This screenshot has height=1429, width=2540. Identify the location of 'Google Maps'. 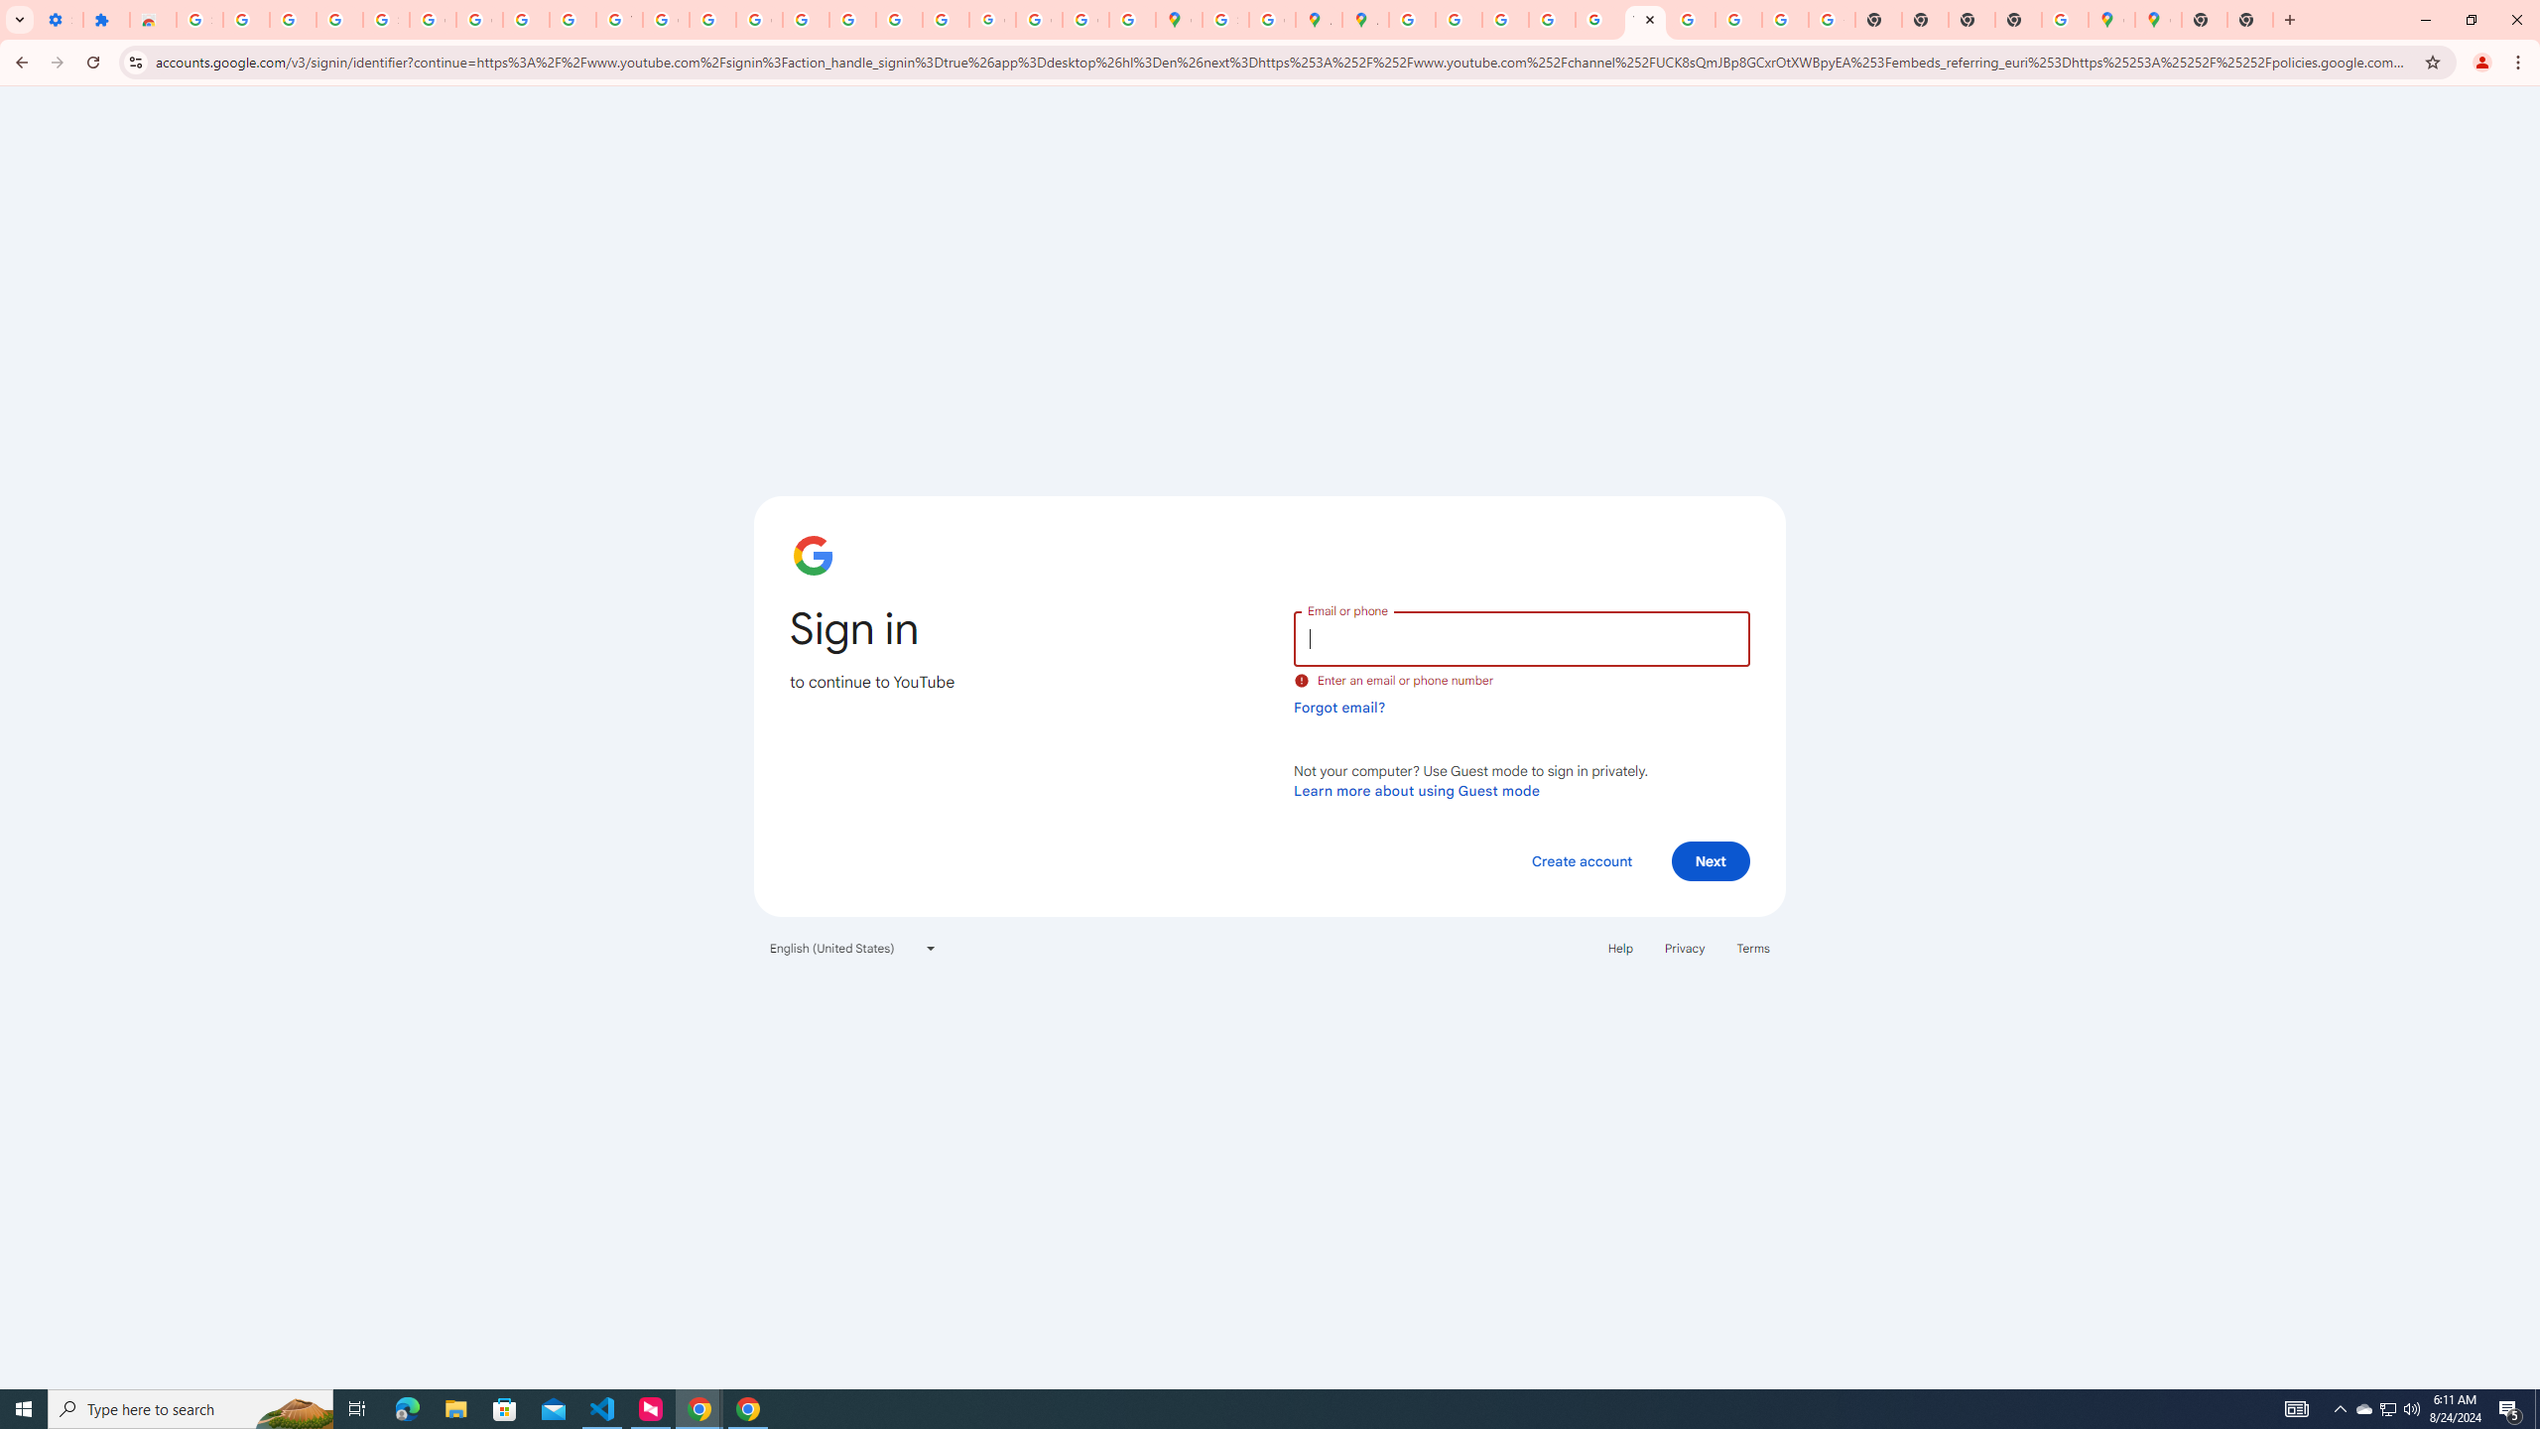
(2156, 19).